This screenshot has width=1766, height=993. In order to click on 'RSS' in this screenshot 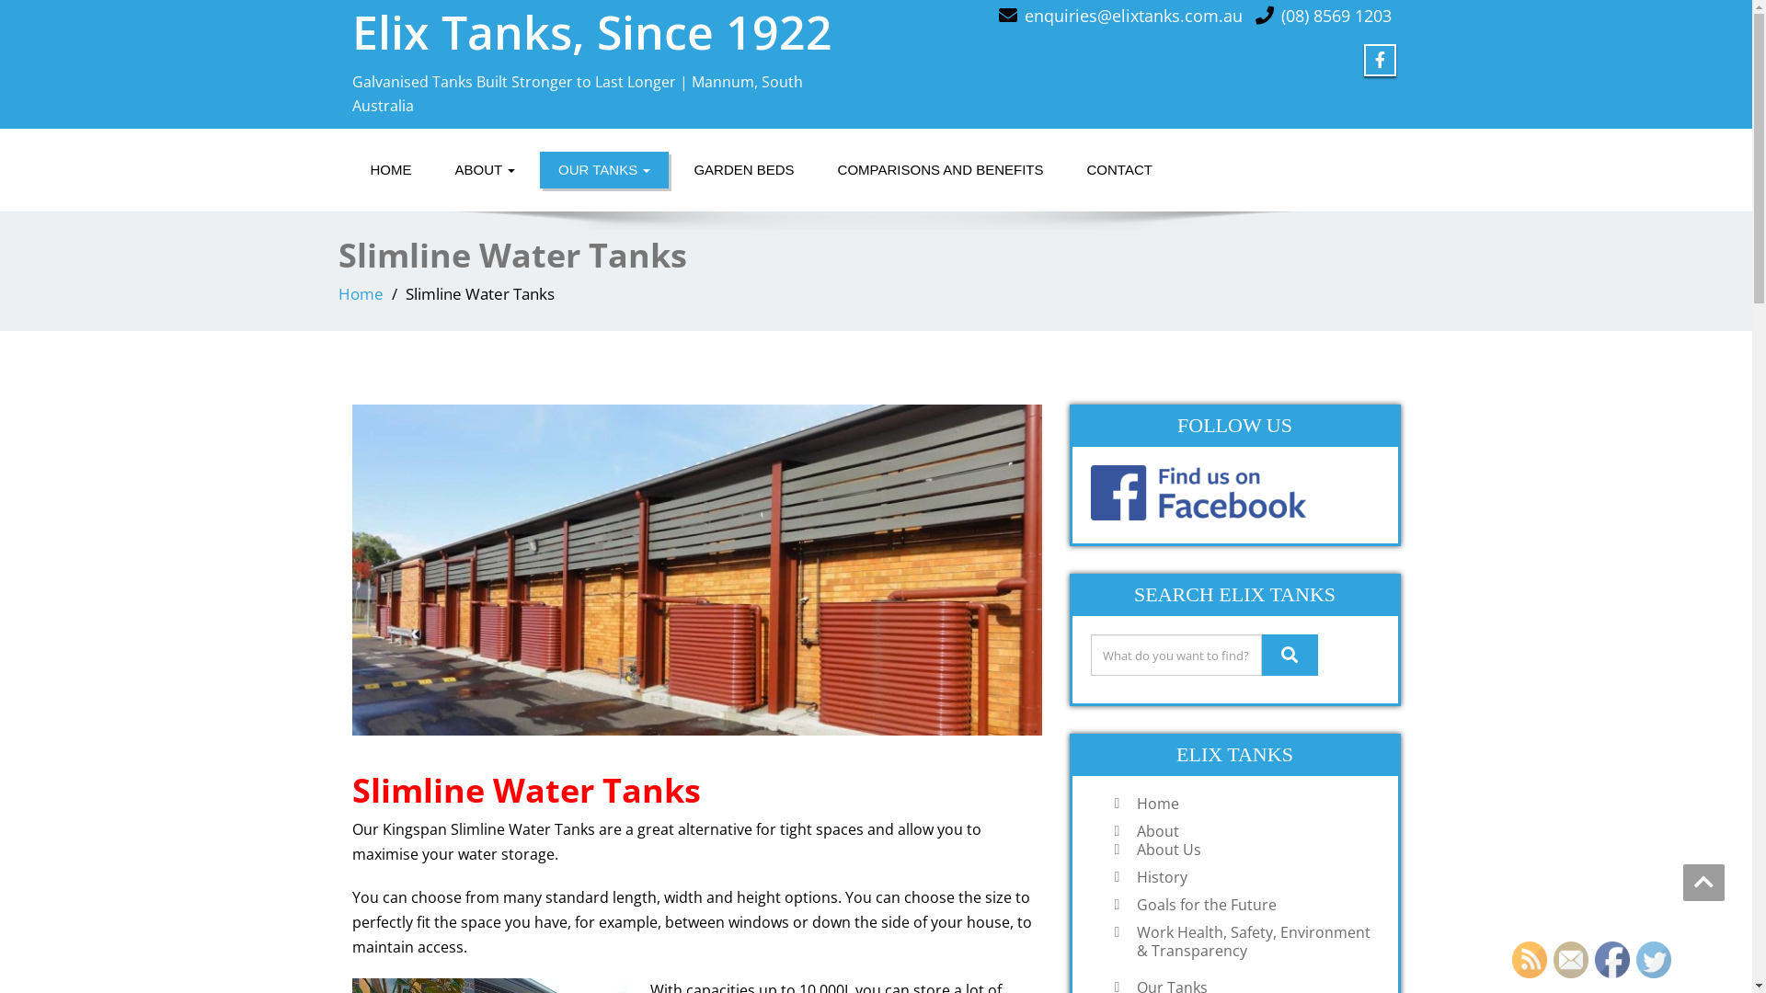, I will do `click(1529, 959)`.